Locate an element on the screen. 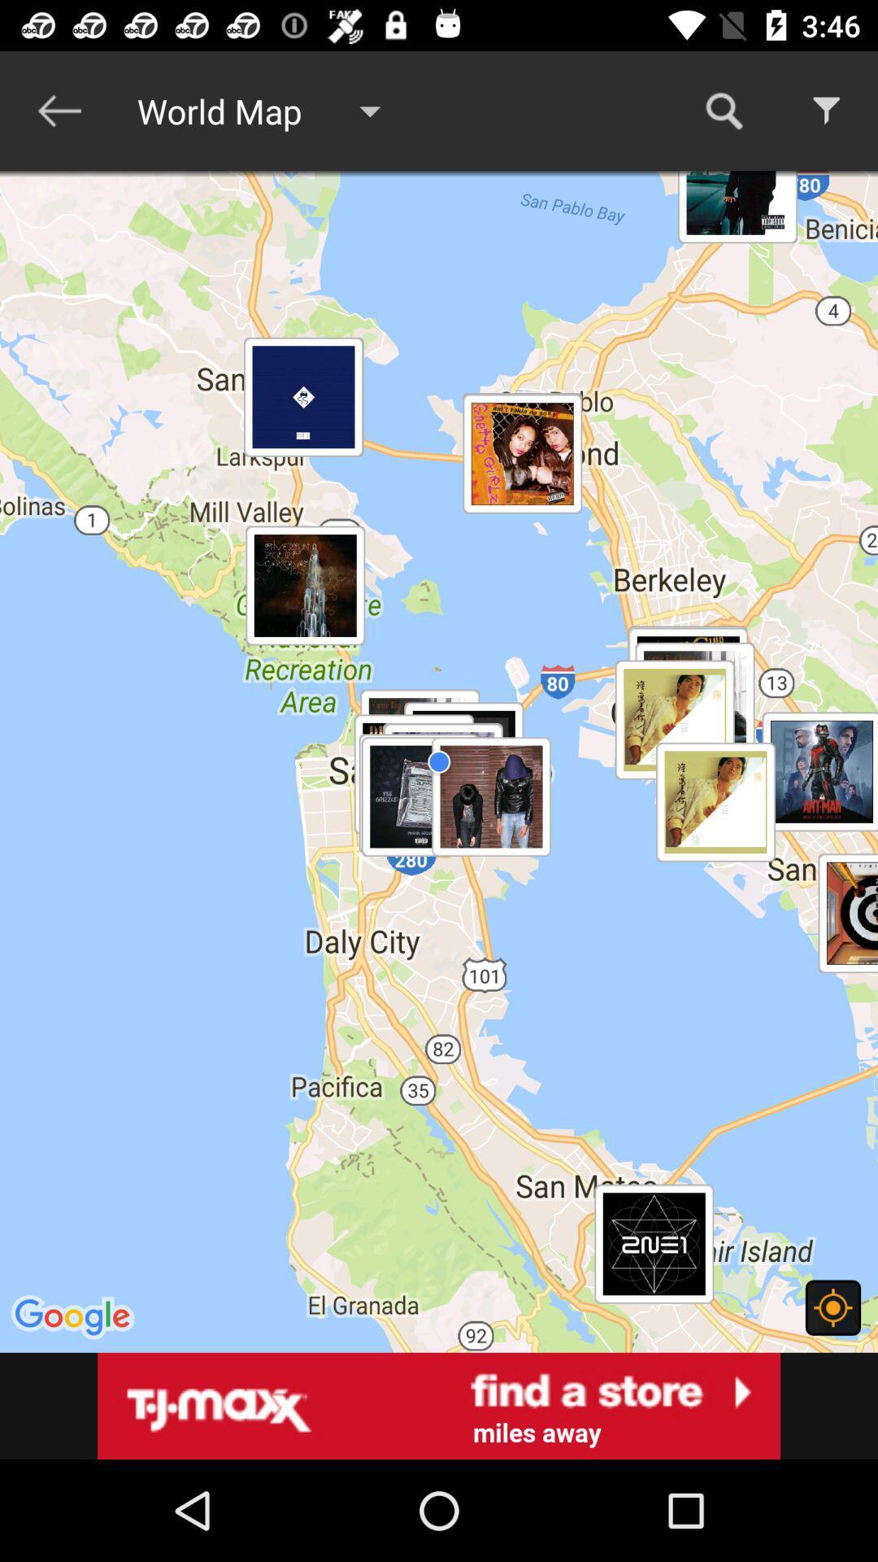  icon at the bottom right corner is located at coordinates (832, 1307).